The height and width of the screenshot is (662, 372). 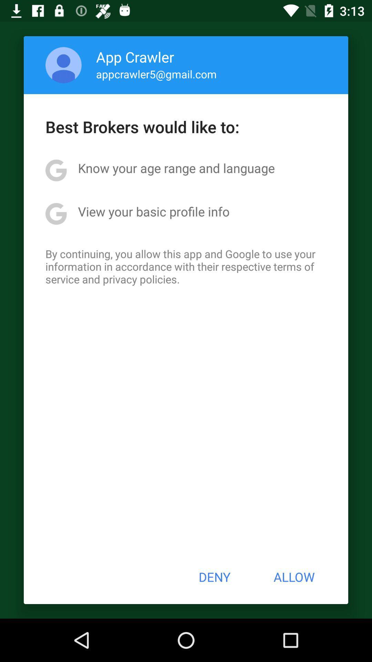 I want to click on view your basic, so click(x=153, y=211).